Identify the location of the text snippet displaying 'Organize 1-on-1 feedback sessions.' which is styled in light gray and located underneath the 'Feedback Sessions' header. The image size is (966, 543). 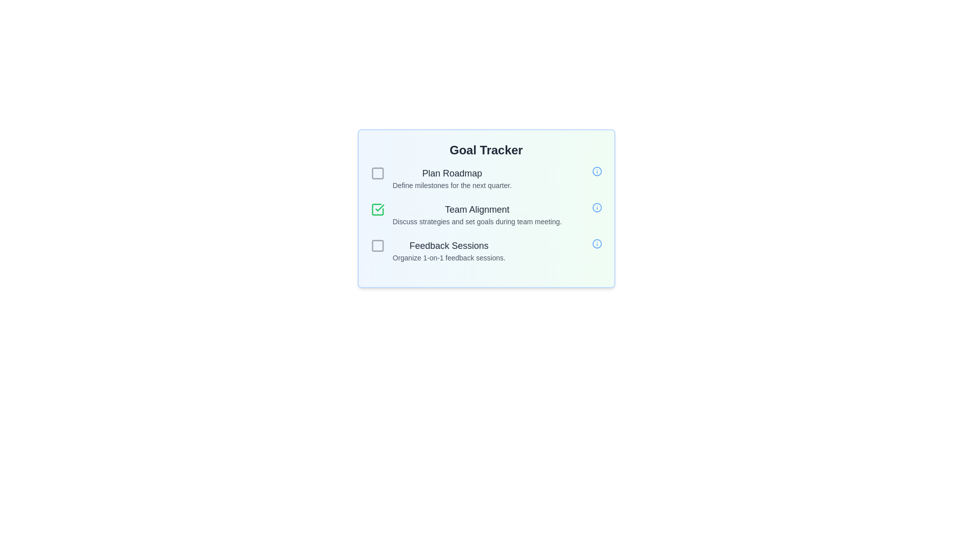
(448, 257).